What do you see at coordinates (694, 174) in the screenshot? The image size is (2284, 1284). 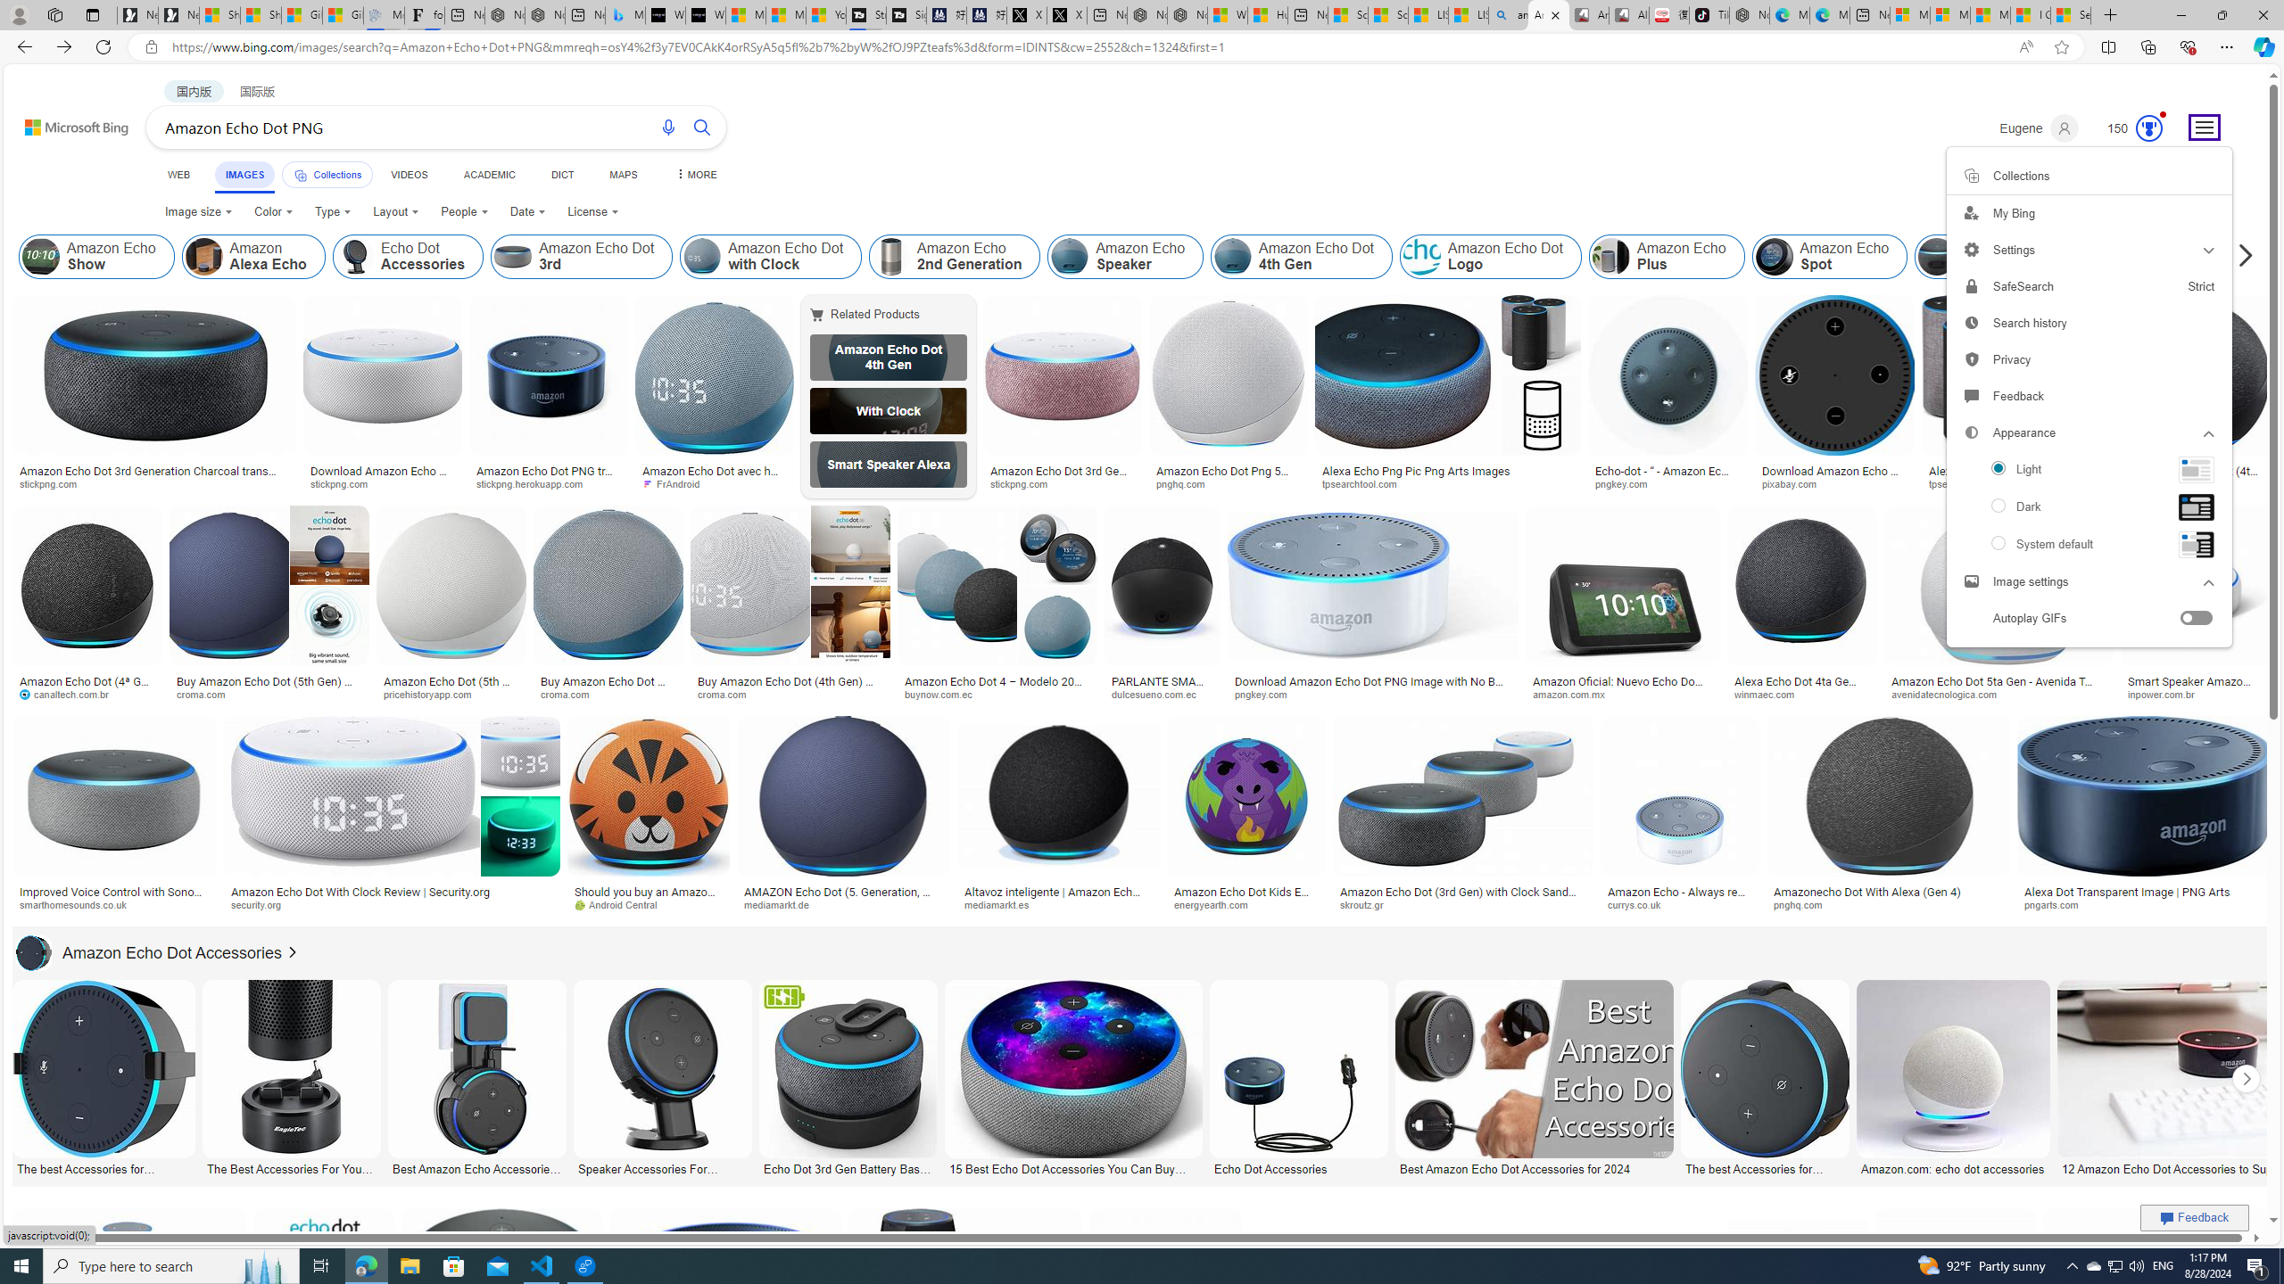 I see `'MORE'` at bounding box center [694, 174].